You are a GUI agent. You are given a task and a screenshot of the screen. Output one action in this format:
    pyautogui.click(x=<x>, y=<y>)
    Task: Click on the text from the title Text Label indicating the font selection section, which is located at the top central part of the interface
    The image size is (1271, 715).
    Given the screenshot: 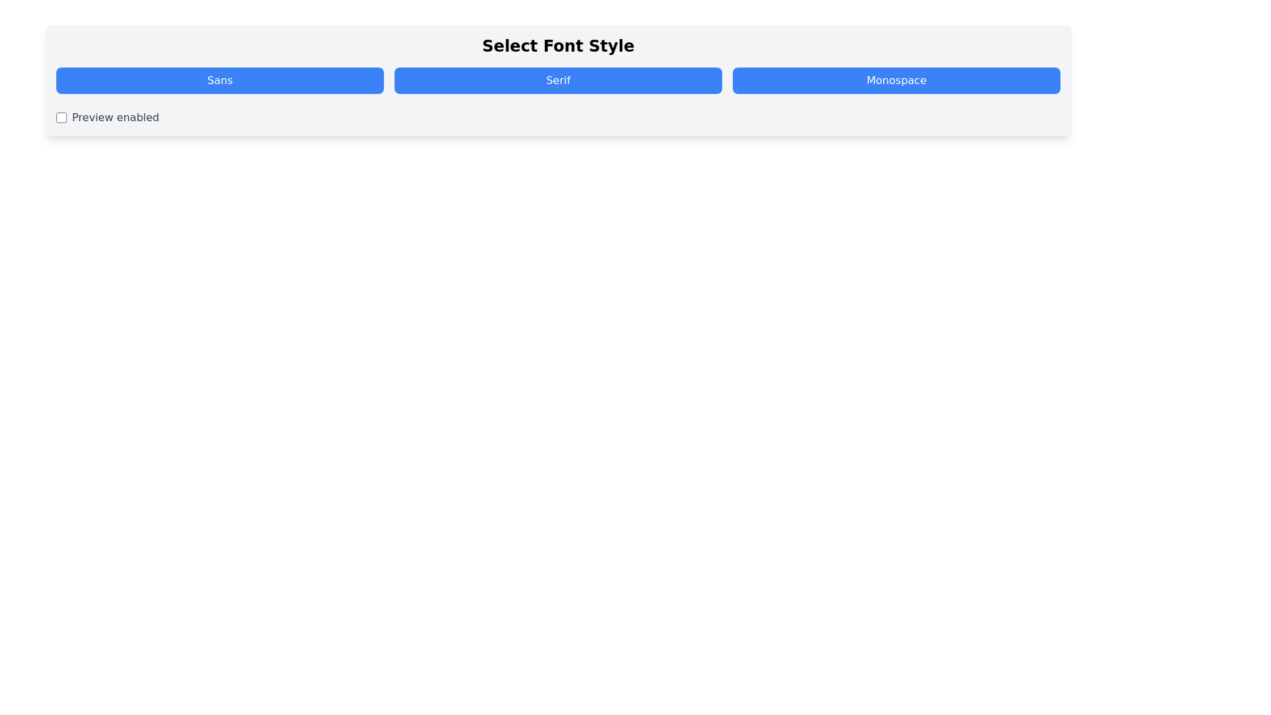 What is the action you would take?
    pyautogui.click(x=558, y=45)
    